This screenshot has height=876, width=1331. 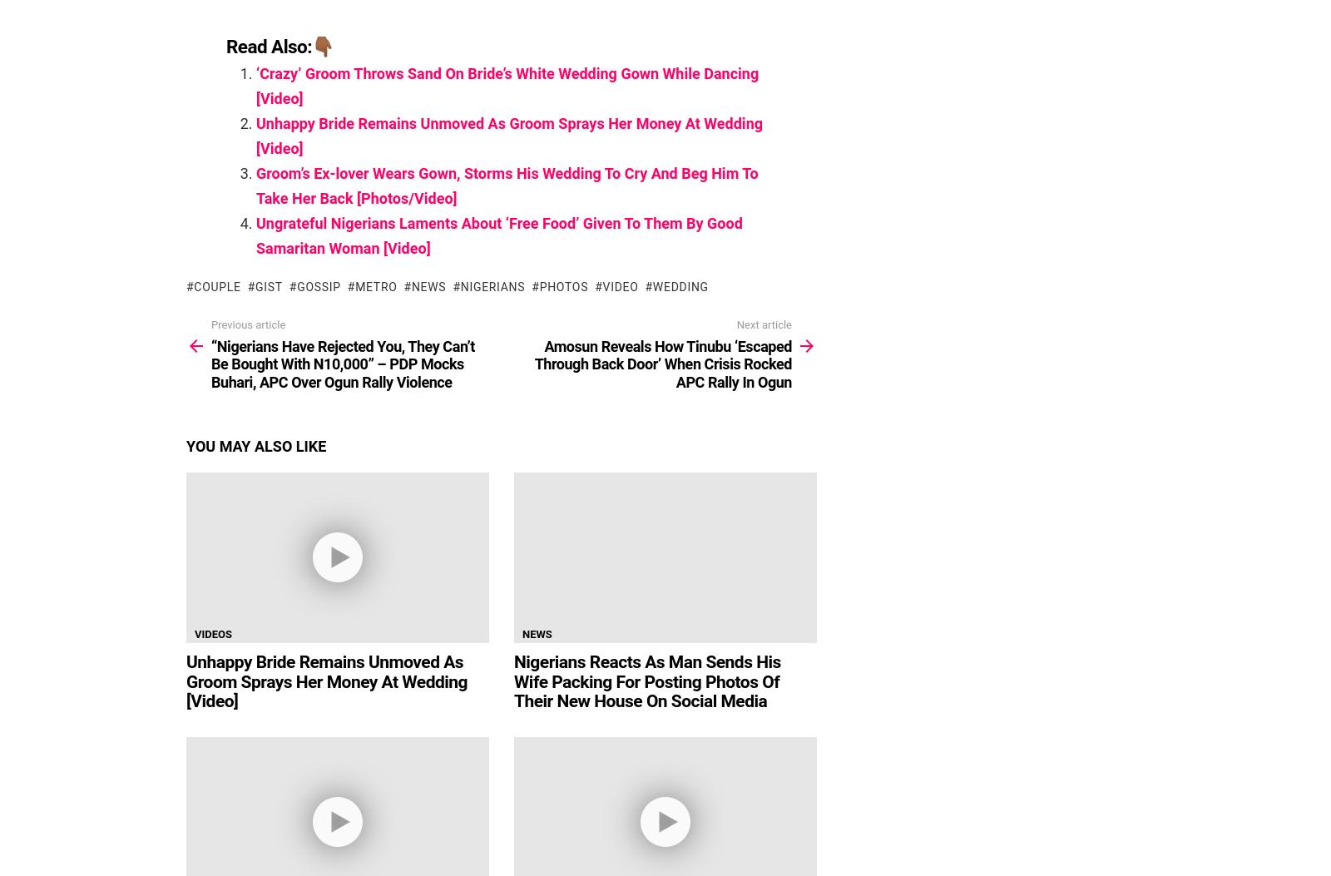 What do you see at coordinates (354, 285) in the screenshot?
I see `'METRO'` at bounding box center [354, 285].